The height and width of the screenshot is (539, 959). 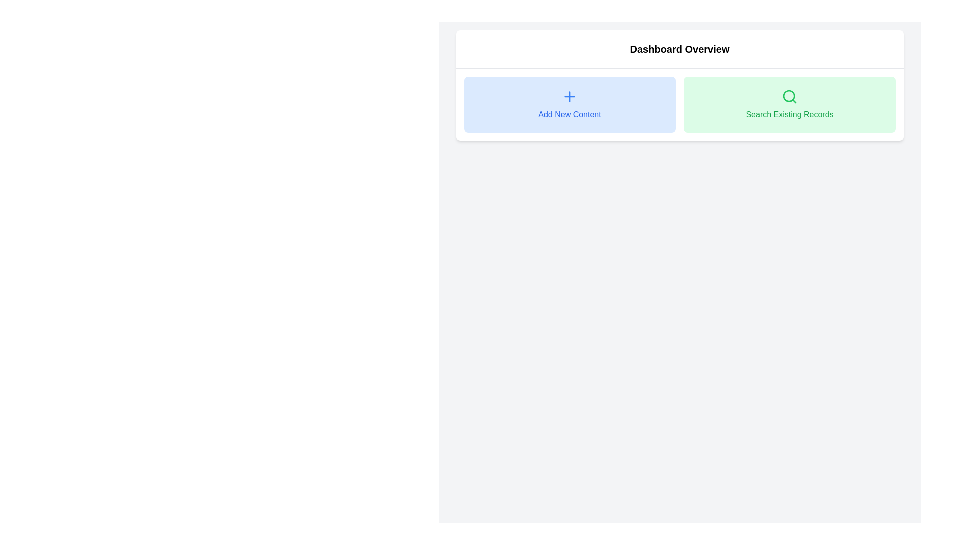 What do you see at coordinates (788, 96) in the screenshot?
I see `the decorative circle element within the search icon, which visually indicates the search functionality` at bounding box center [788, 96].